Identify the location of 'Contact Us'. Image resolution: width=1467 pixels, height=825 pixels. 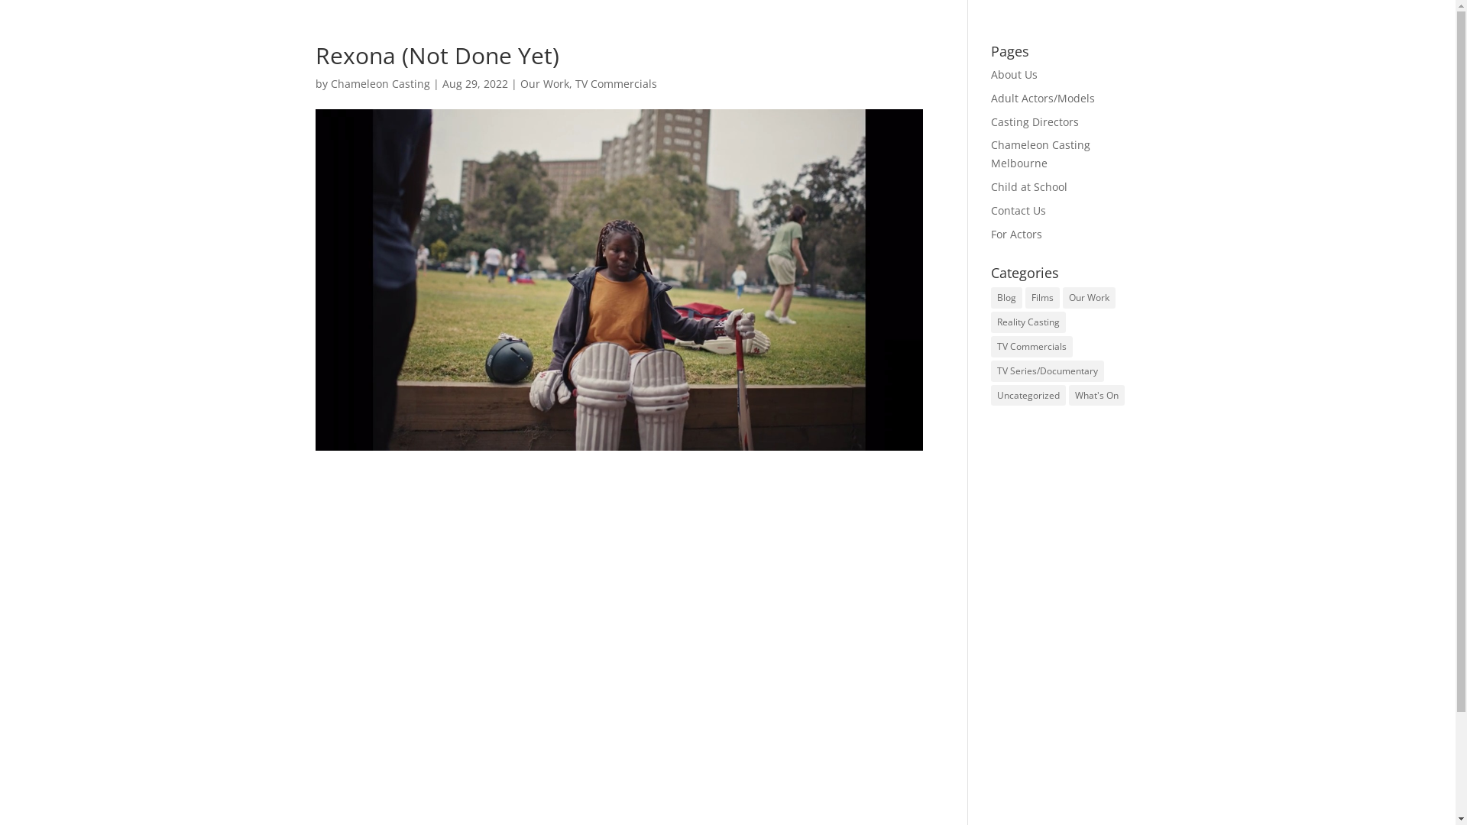
(1018, 210).